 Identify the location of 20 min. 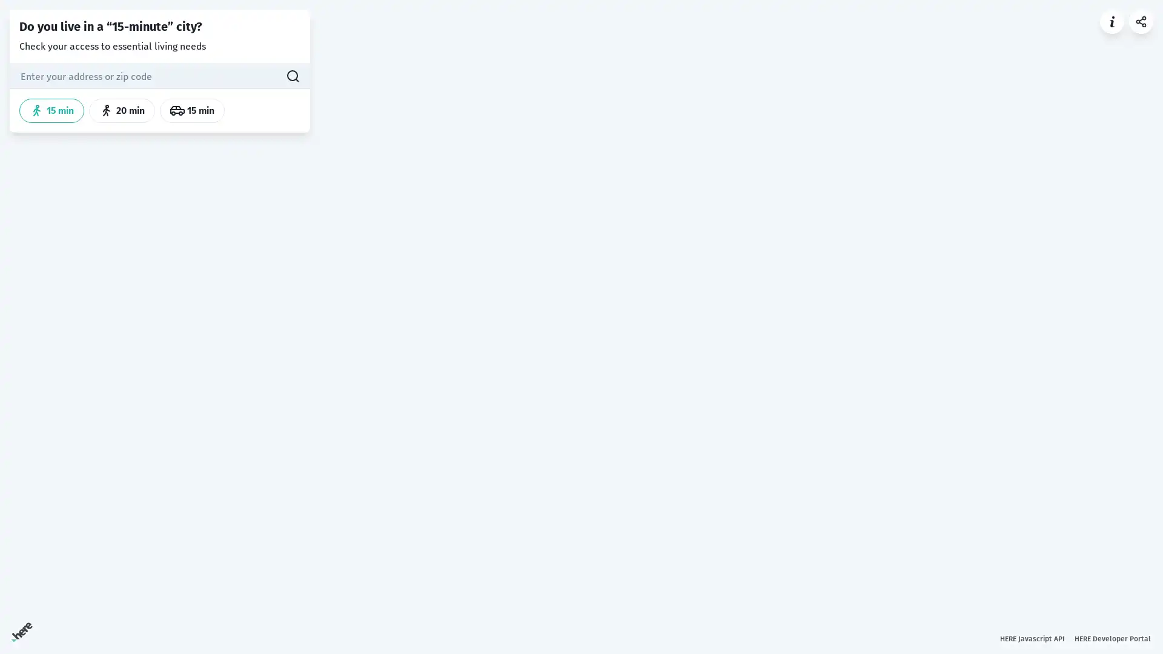
(122, 110).